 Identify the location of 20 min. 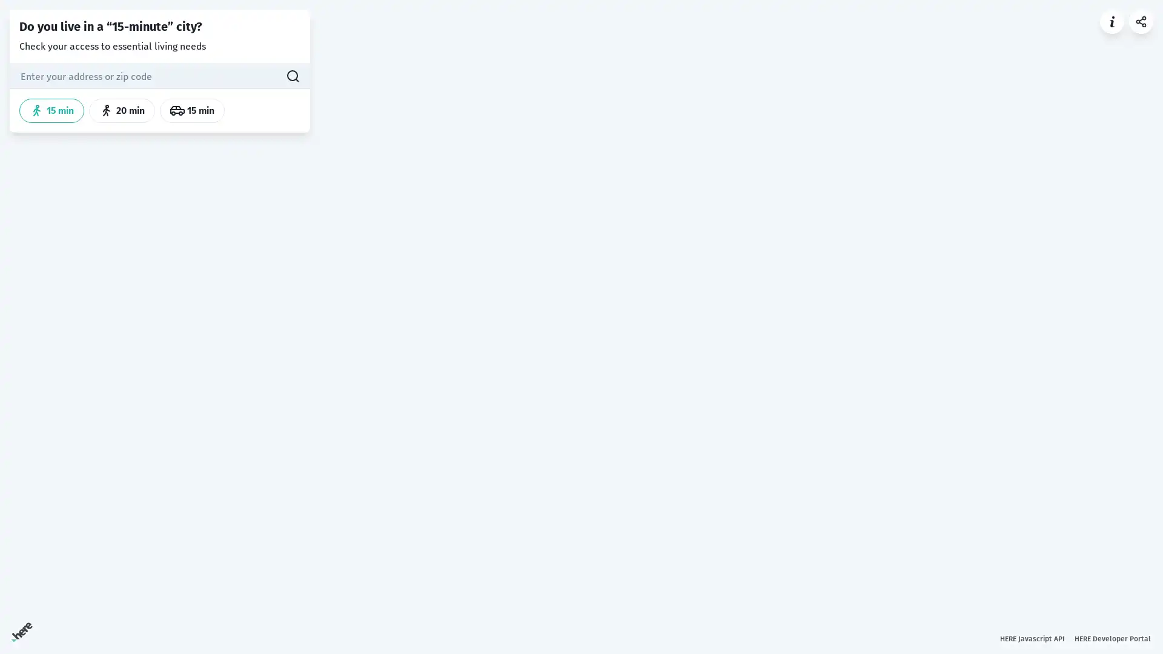
(122, 110).